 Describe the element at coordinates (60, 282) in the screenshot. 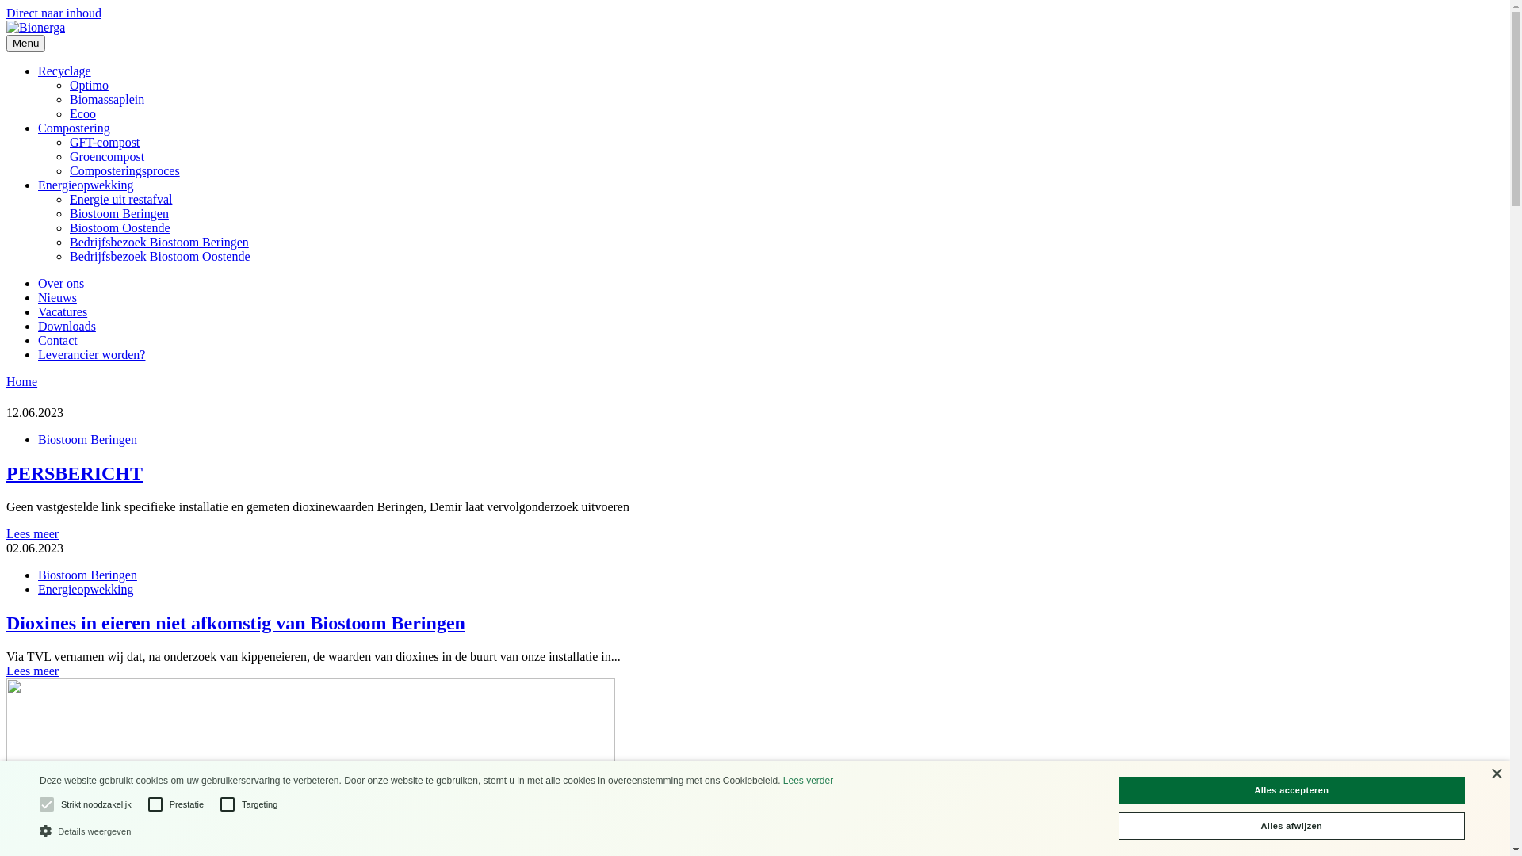

I see `'Over ons'` at that location.